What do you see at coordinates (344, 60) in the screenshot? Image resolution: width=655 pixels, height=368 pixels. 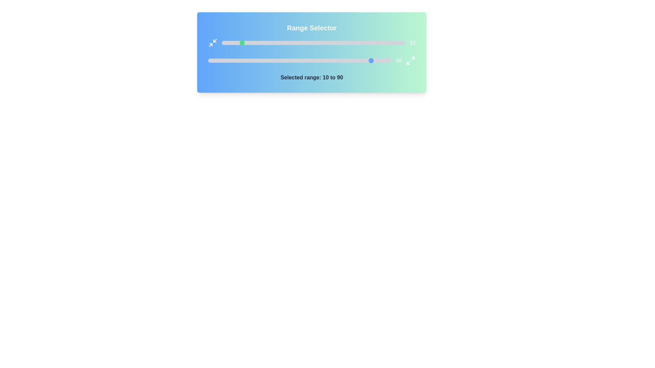 I see `the slider value` at bounding box center [344, 60].